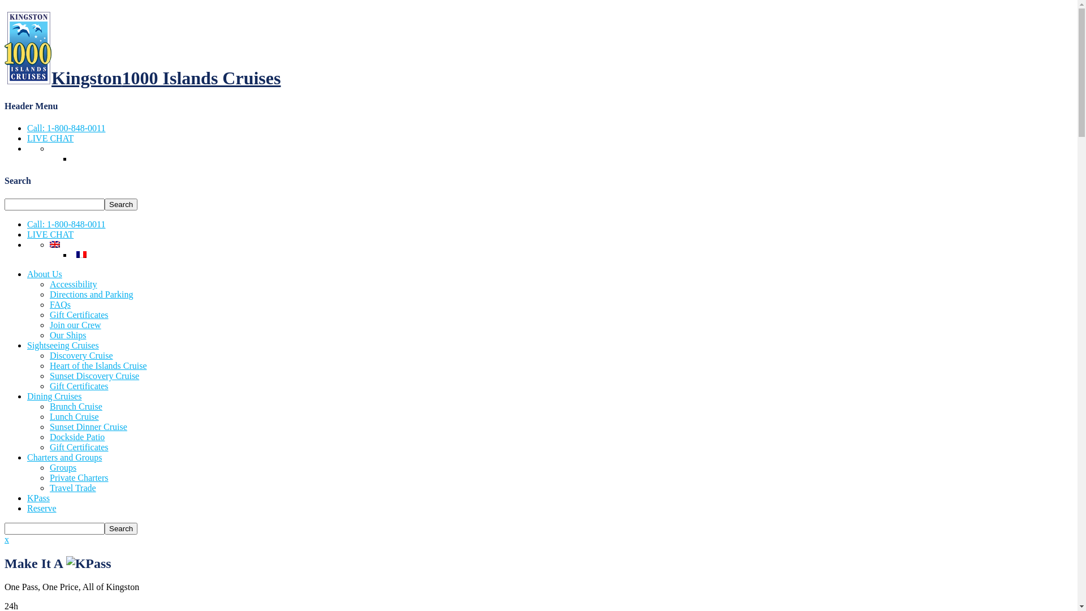 The image size is (1086, 611). What do you see at coordinates (54, 395) in the screenshot?
I see `'Dining Cruises'` at bounding box center [54, 395].